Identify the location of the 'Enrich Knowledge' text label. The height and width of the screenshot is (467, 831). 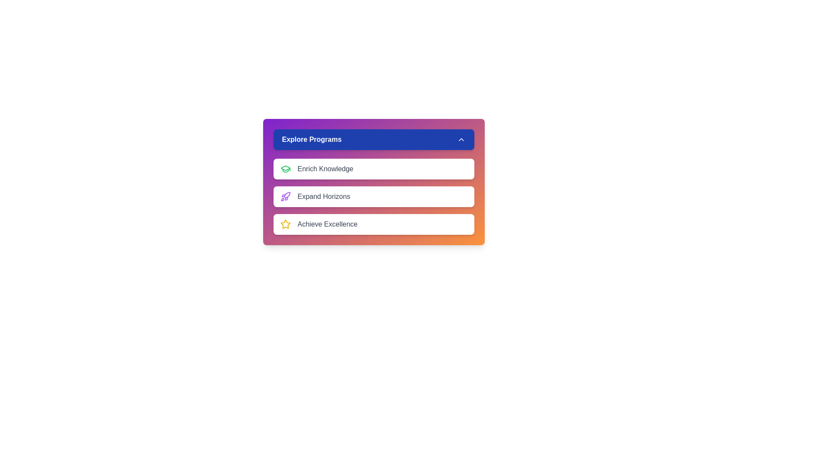
(324, 169).